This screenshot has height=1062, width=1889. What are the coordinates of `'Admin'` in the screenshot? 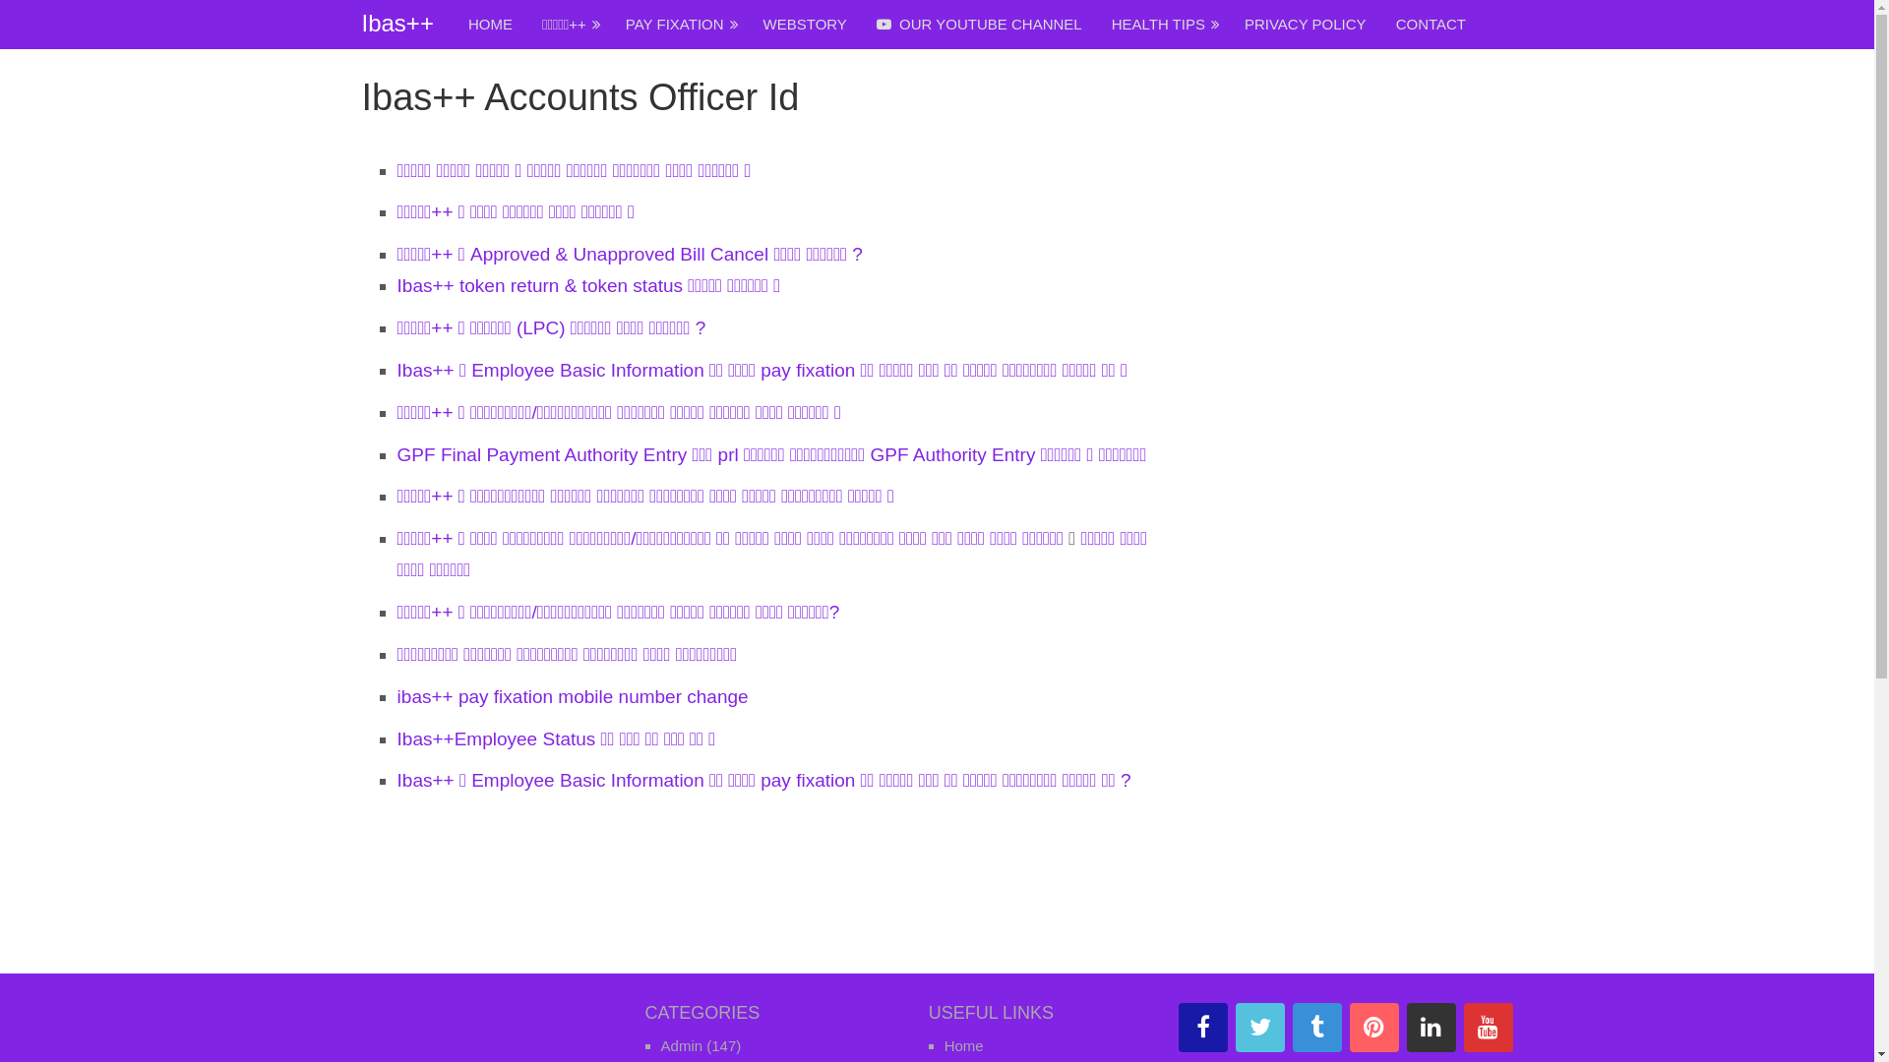 It's located at (682, 1044).